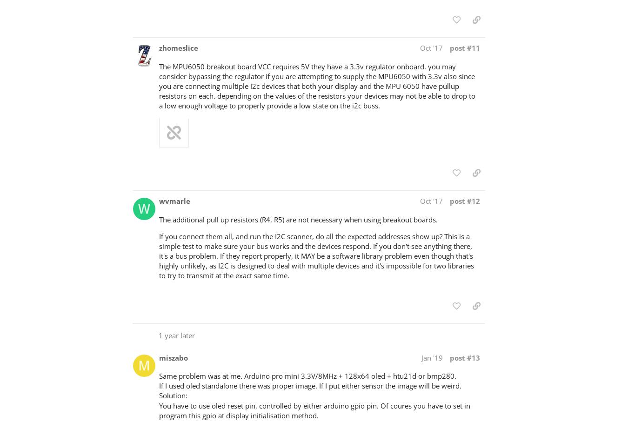 This screenshot has height=429, width=628. What do you see at coordinates (464, 200) in the screenshot?
I see `'post #12'` at bounding box center [464, 200].